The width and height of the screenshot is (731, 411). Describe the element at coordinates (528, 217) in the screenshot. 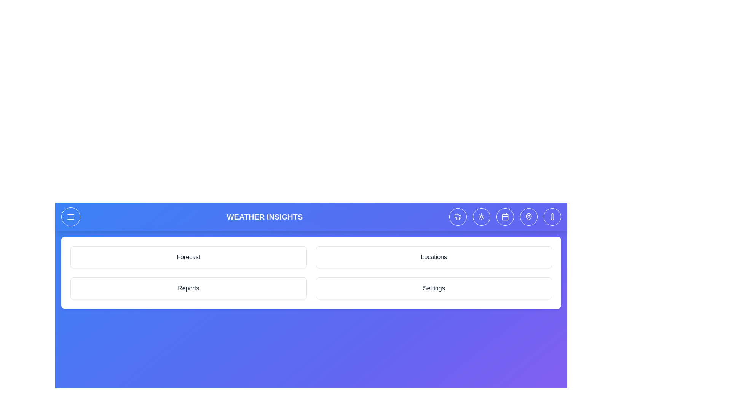

I see `the map_pin icon in the header` at that location.